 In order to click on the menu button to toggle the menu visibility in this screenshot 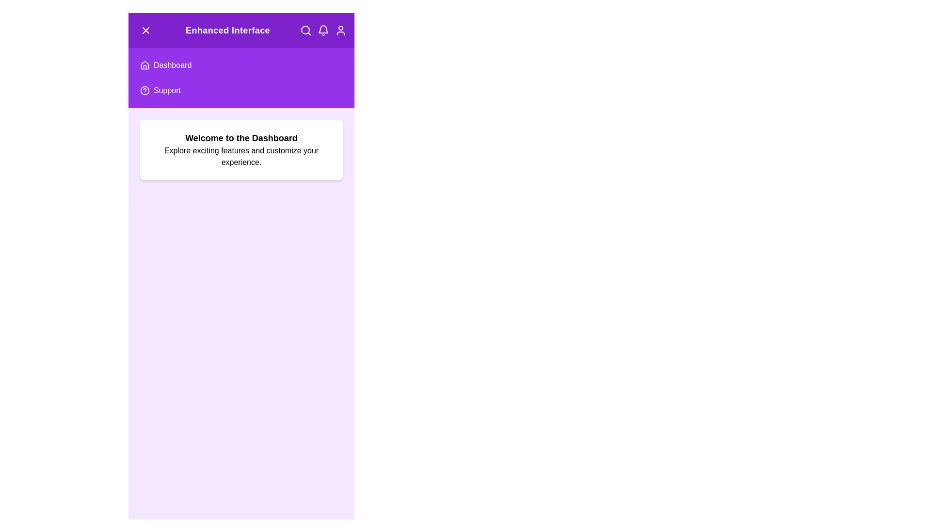, I will do `click(145, 30)`.